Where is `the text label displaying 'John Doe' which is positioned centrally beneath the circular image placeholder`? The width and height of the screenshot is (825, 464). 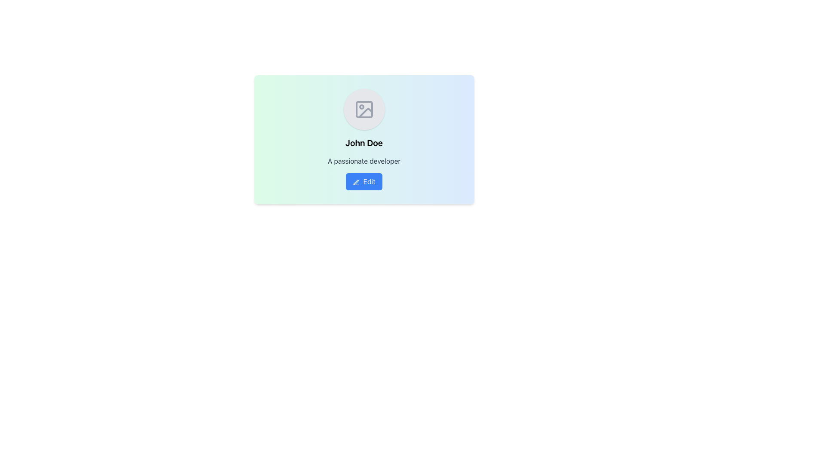
the text label displaying 'John Doe' which is positioned centrally beneath the circular image placeholder is located at coordinates (364, 142).